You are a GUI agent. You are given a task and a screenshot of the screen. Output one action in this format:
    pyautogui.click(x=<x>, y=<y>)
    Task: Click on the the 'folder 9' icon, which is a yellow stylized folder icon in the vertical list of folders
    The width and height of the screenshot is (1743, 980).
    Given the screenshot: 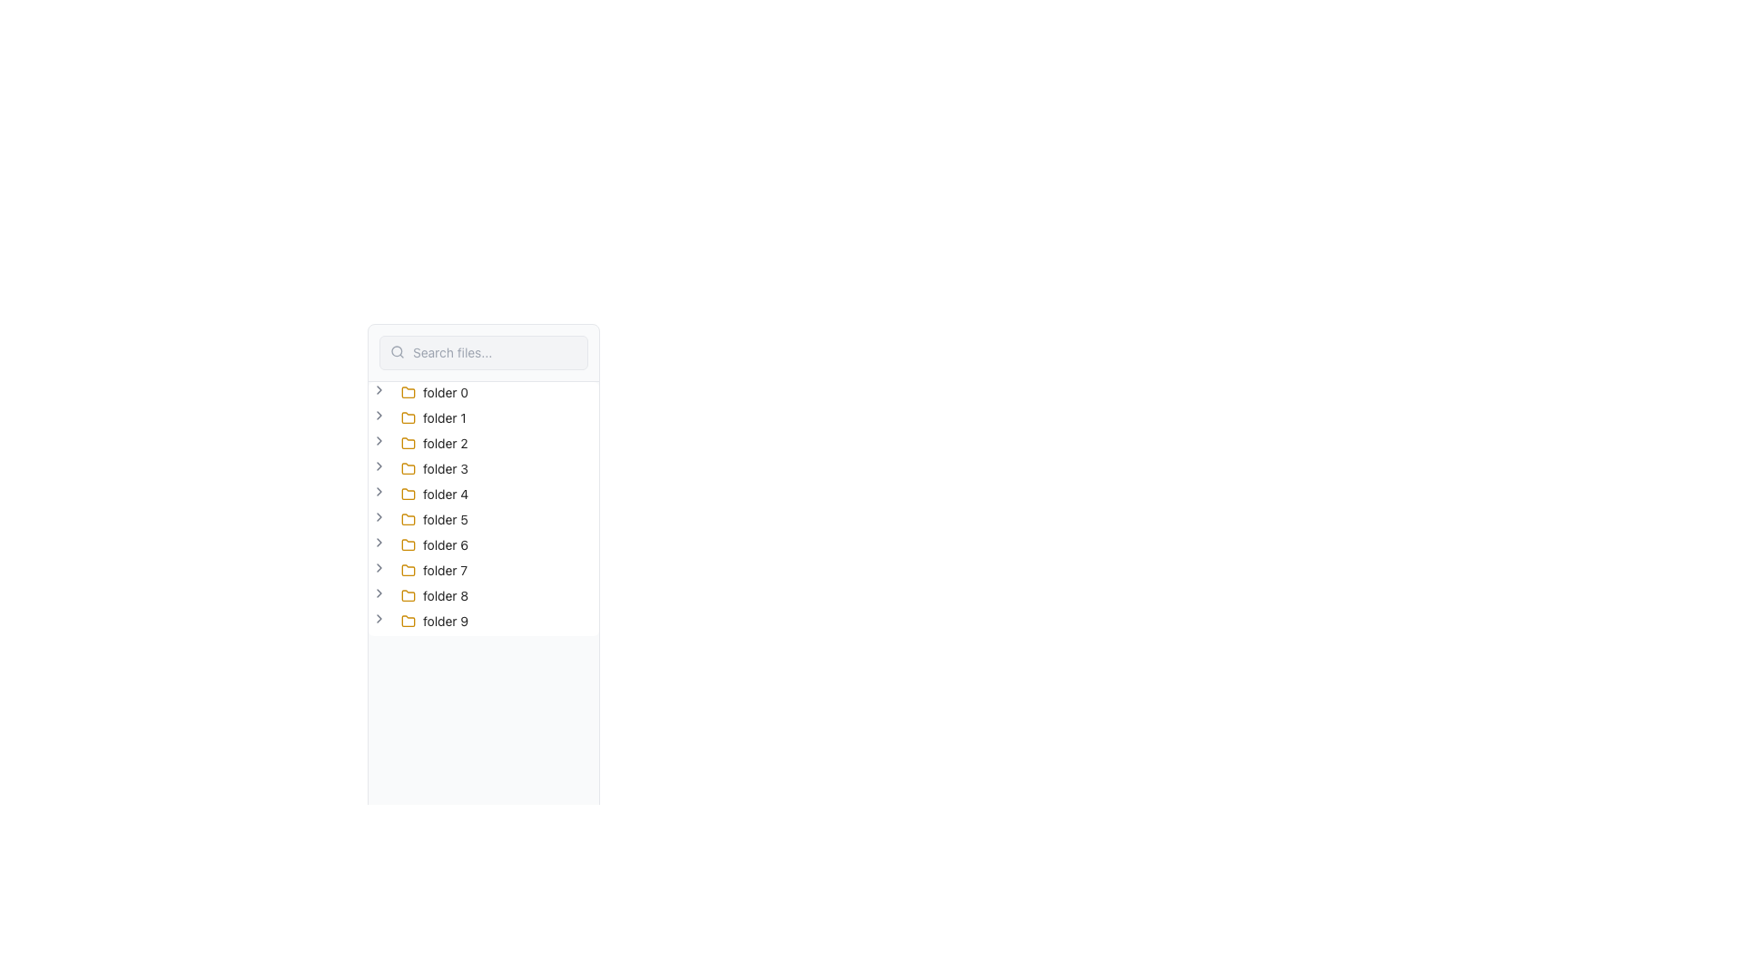 What is the action you would take?
    pyautogui.click(x=421, y=621)
    